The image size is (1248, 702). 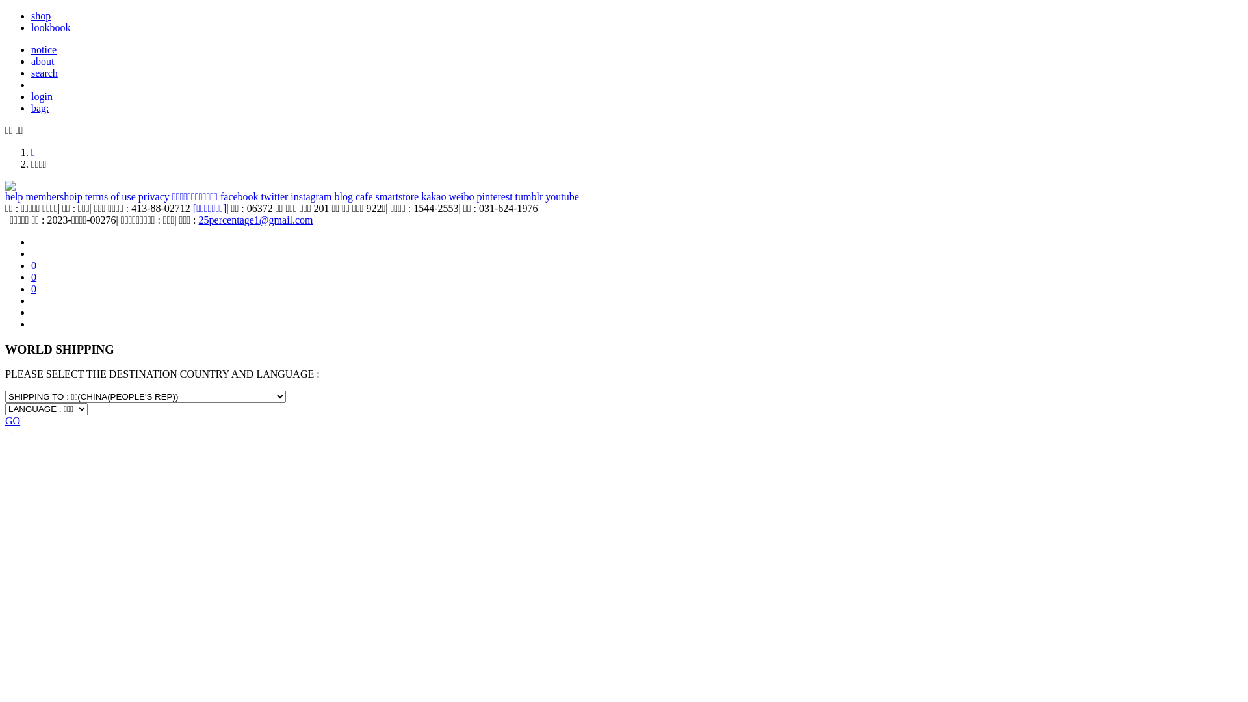 I want to click on 'facebook', so click(x=239, y=196).